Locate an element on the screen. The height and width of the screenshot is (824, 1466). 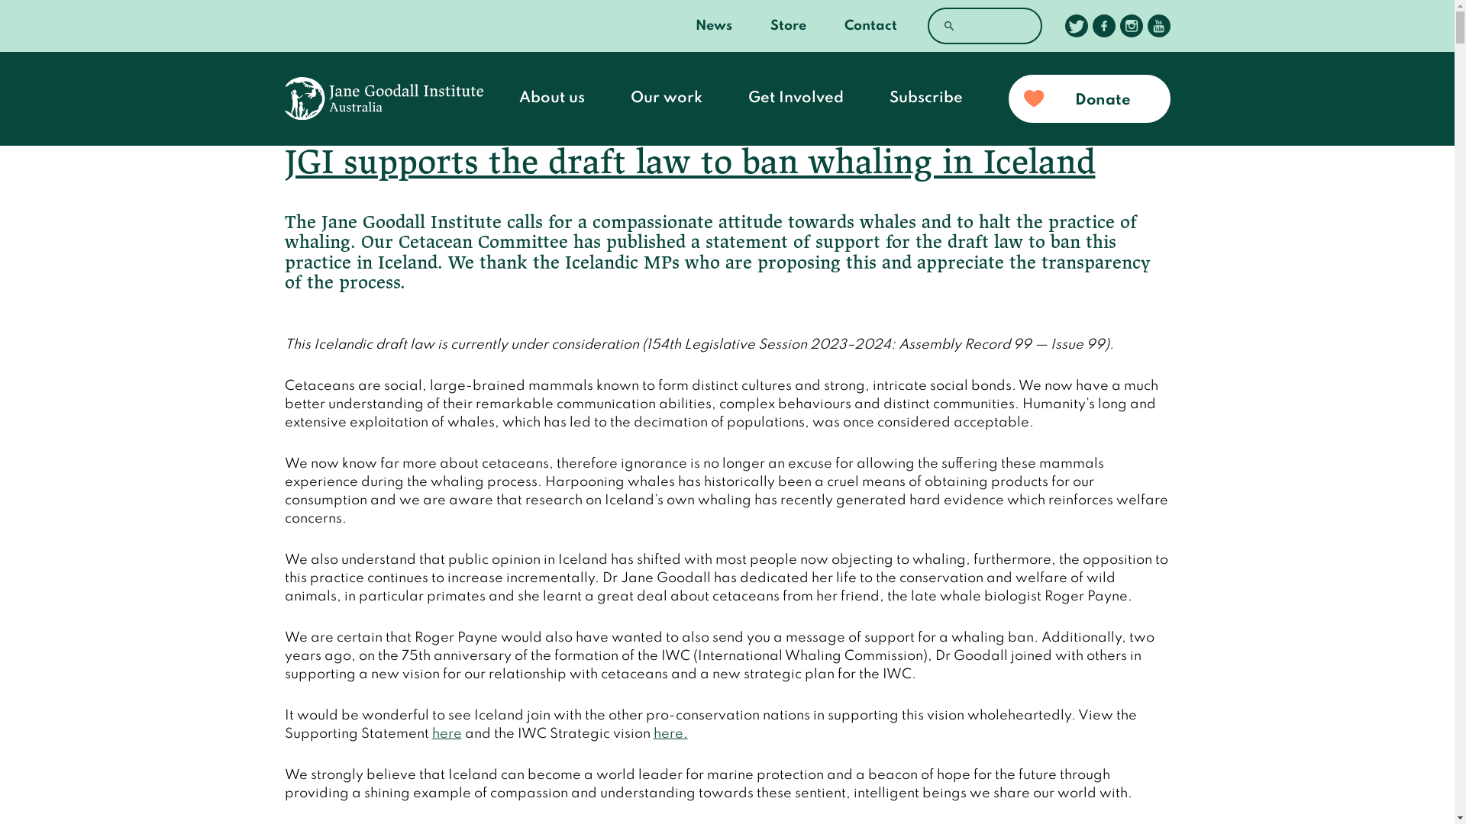
'Contact' is located at coordinates (870, 26).